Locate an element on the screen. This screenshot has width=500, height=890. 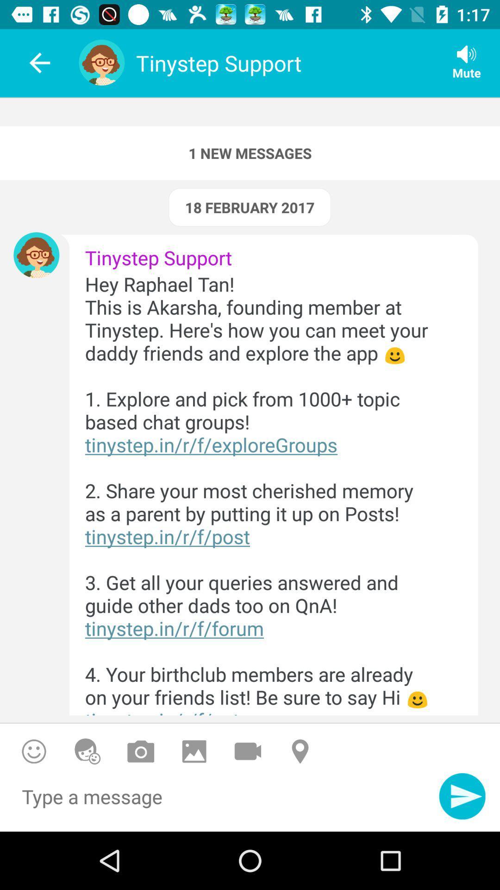
the photo icon is located at coordinates (141, 751).